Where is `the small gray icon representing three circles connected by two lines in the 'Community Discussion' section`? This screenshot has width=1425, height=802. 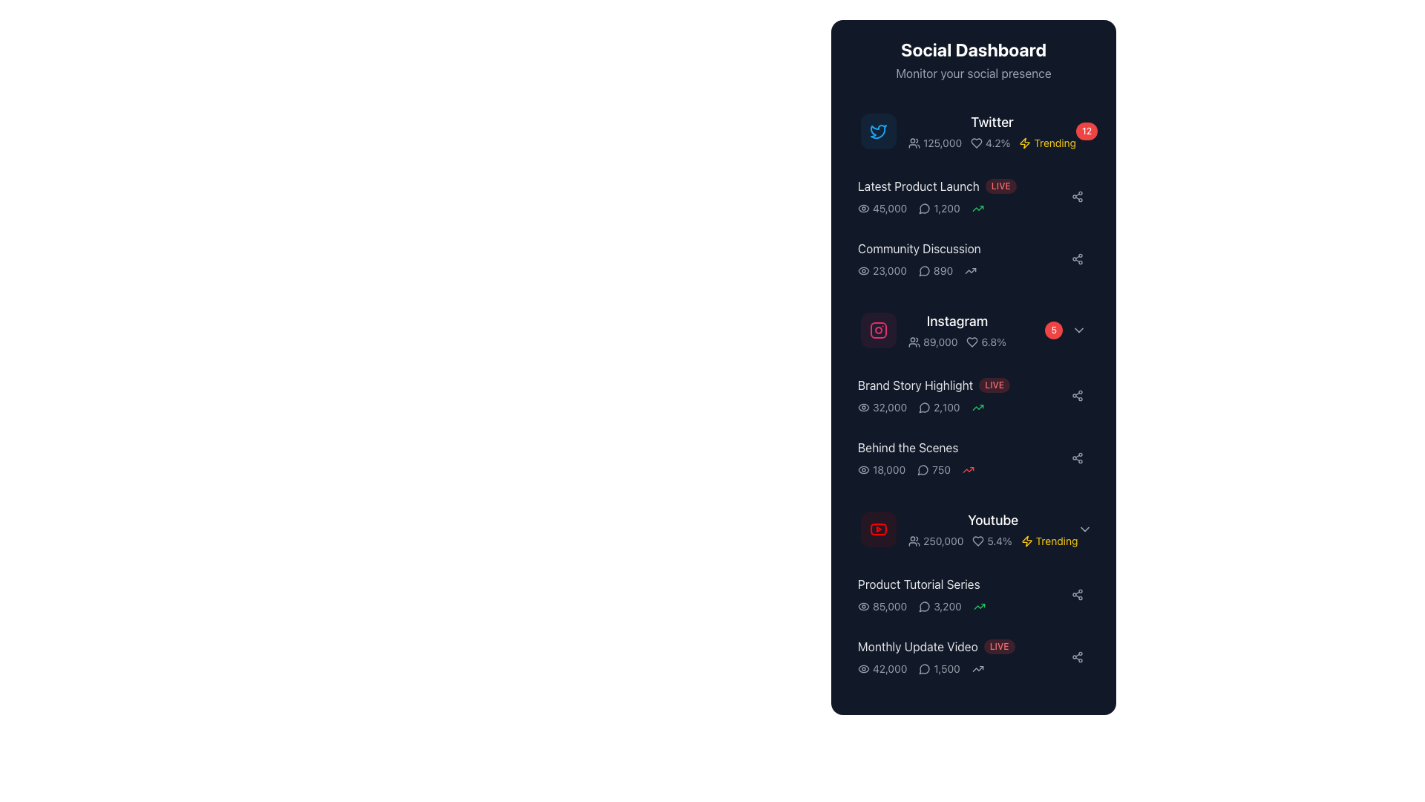 the small gray icon representing three circles connected by two lines in the 'Community Discussion' section is located at coordinates (1077, 594).